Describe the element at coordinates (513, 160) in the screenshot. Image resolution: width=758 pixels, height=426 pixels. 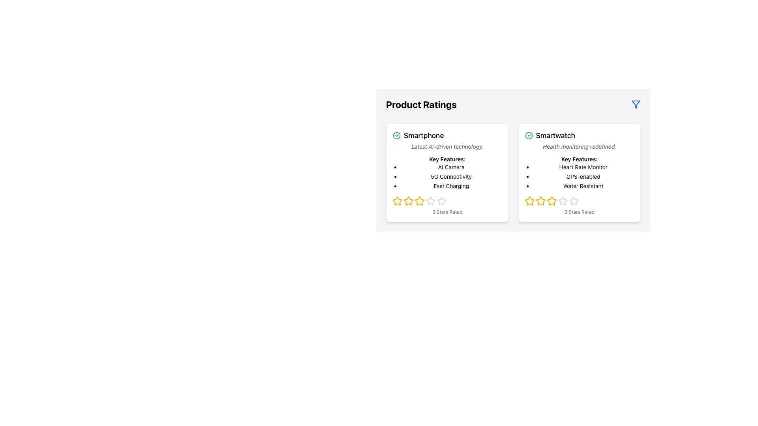
I see `the section displaying information about two products, located in the top-right quadrant below the 'Product Ratings' title` at that location.